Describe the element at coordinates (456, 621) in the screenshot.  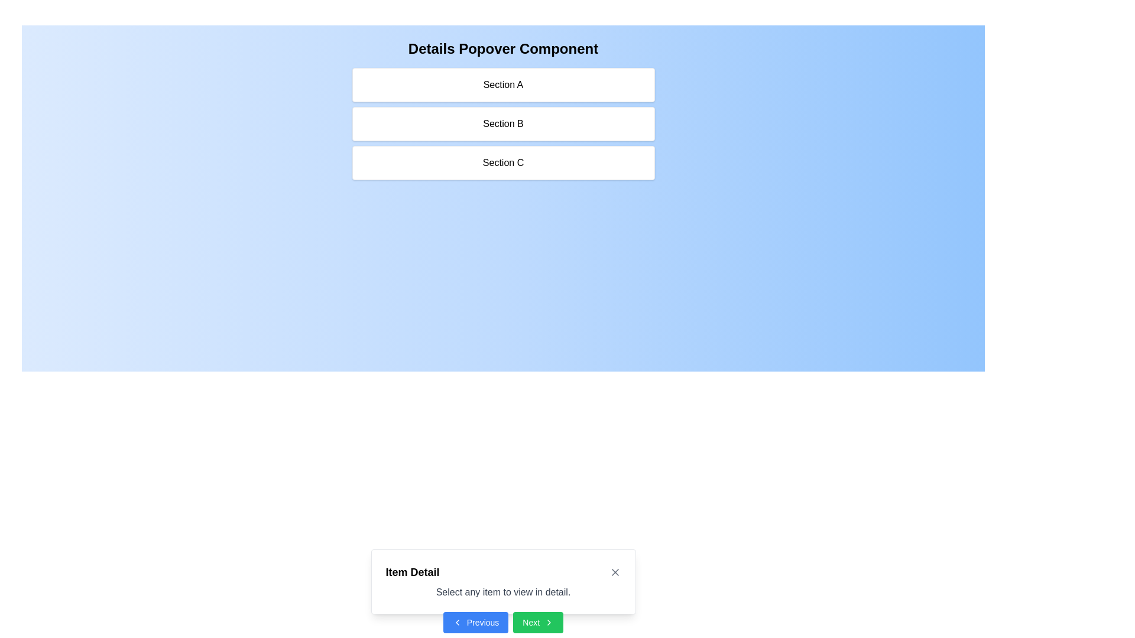
I see `the 'Previous' button, which features a left-pointing chevron icon on its left side, designed for backward navigation` at that location.